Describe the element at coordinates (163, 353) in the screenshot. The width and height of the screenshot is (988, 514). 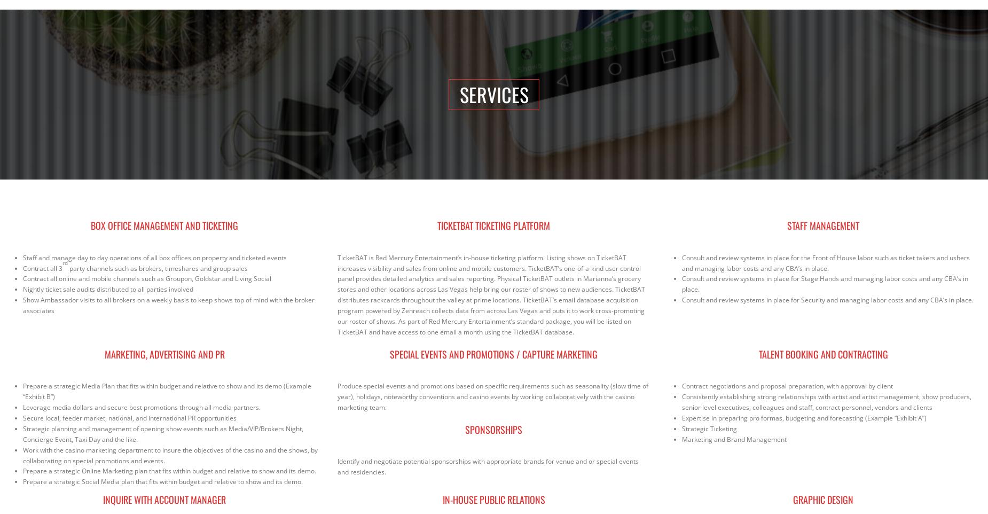
I see `'Marketing, Advertising and PR'` at that location.